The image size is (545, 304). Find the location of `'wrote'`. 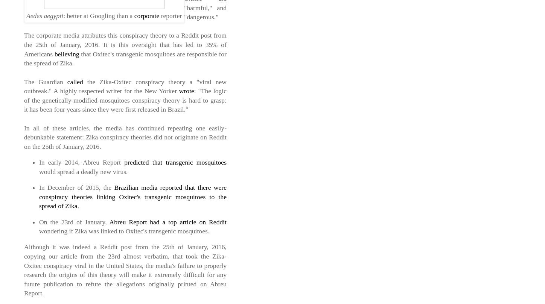

'wrote' is located at coordinates (178, 90).